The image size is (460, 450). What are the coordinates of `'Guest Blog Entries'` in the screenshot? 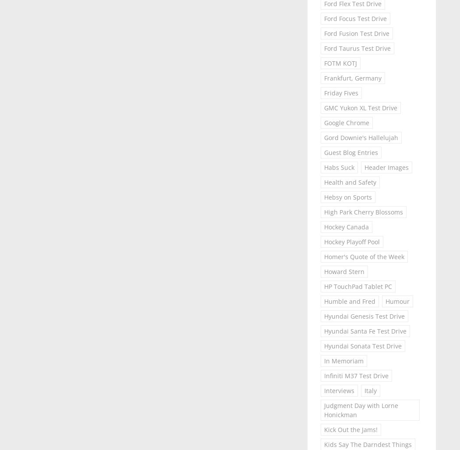 It's located at (350, 152).